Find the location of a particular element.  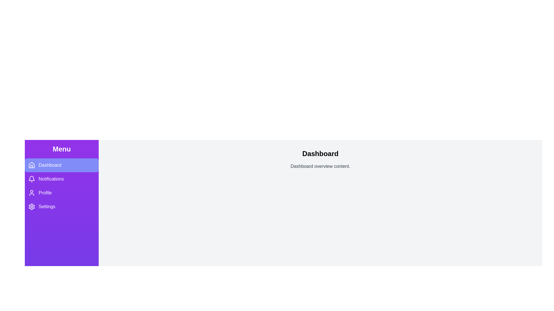

the second menu item in the vertical menu is located at coordinates (62, 179).